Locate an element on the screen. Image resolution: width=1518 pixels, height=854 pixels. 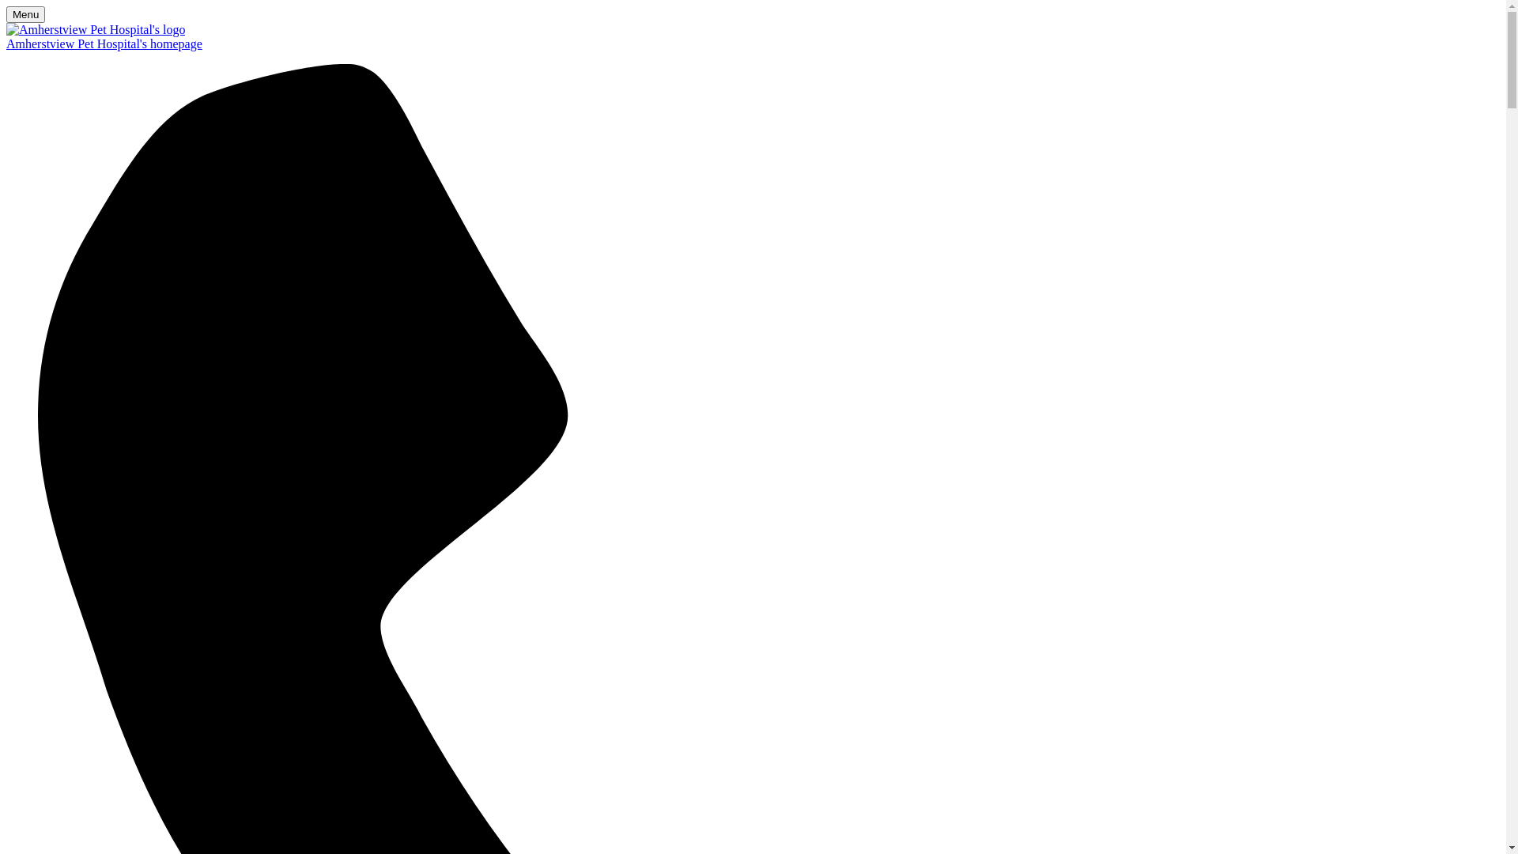
'Menu' is located at coordinates (25, 14).